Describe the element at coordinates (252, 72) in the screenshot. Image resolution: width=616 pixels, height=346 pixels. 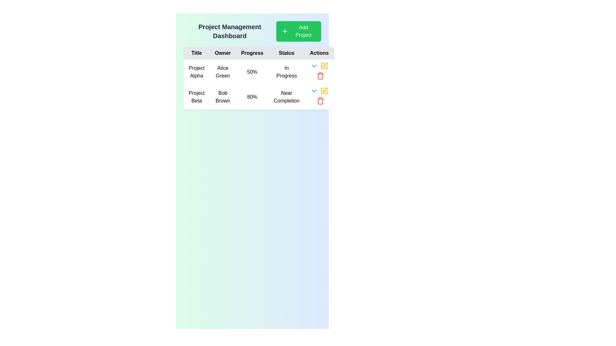
I see `the static Text label displaying the progress percentage (50%) for 'Project Alpha', located in the 'Progress' column of the table` at that location.